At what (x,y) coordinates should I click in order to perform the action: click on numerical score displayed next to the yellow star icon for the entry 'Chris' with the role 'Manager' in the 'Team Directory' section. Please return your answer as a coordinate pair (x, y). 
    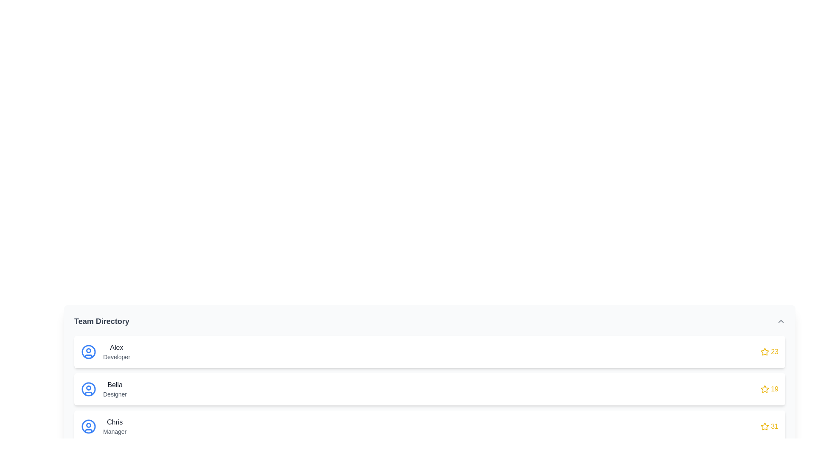
    Looking at the image, I should click on (775, 427).